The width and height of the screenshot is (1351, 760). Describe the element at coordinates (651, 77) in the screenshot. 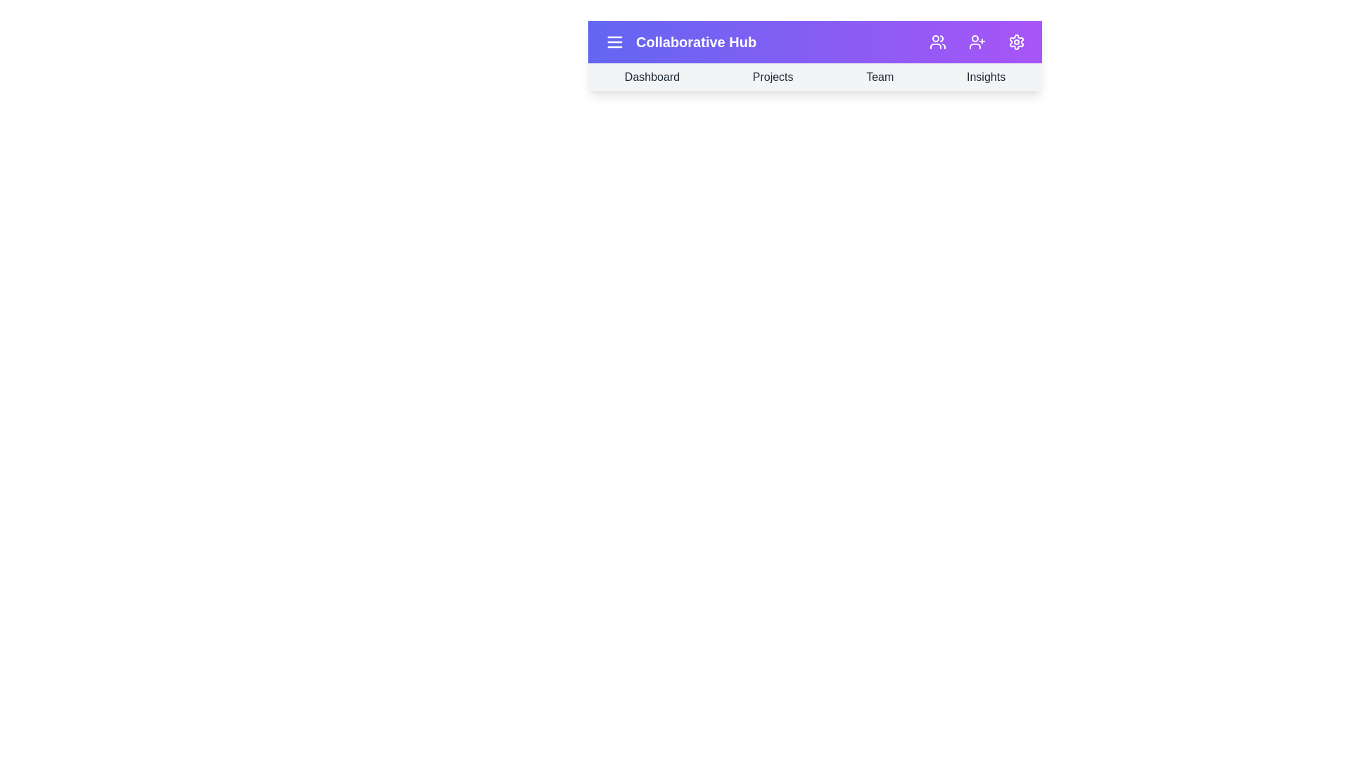

I see `the navigation bar section corresponding to Dashboard` at that location.